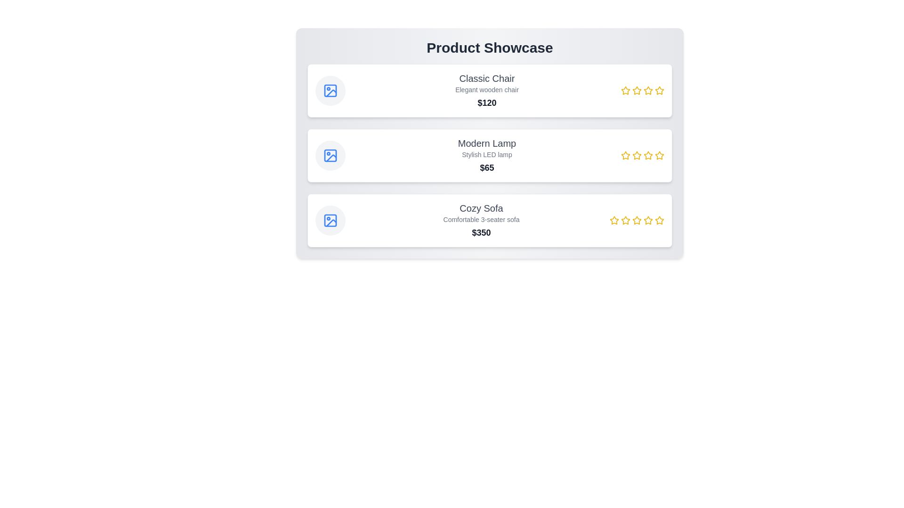  I want to click on the rating for a product to 4 stars, so click(659, 90).